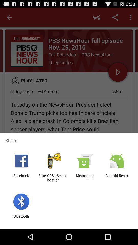 This screenshot has width=138, height=245. Describe the element at coordinates (117, 178) in the screenshot. I see `the android beam item` at that location.